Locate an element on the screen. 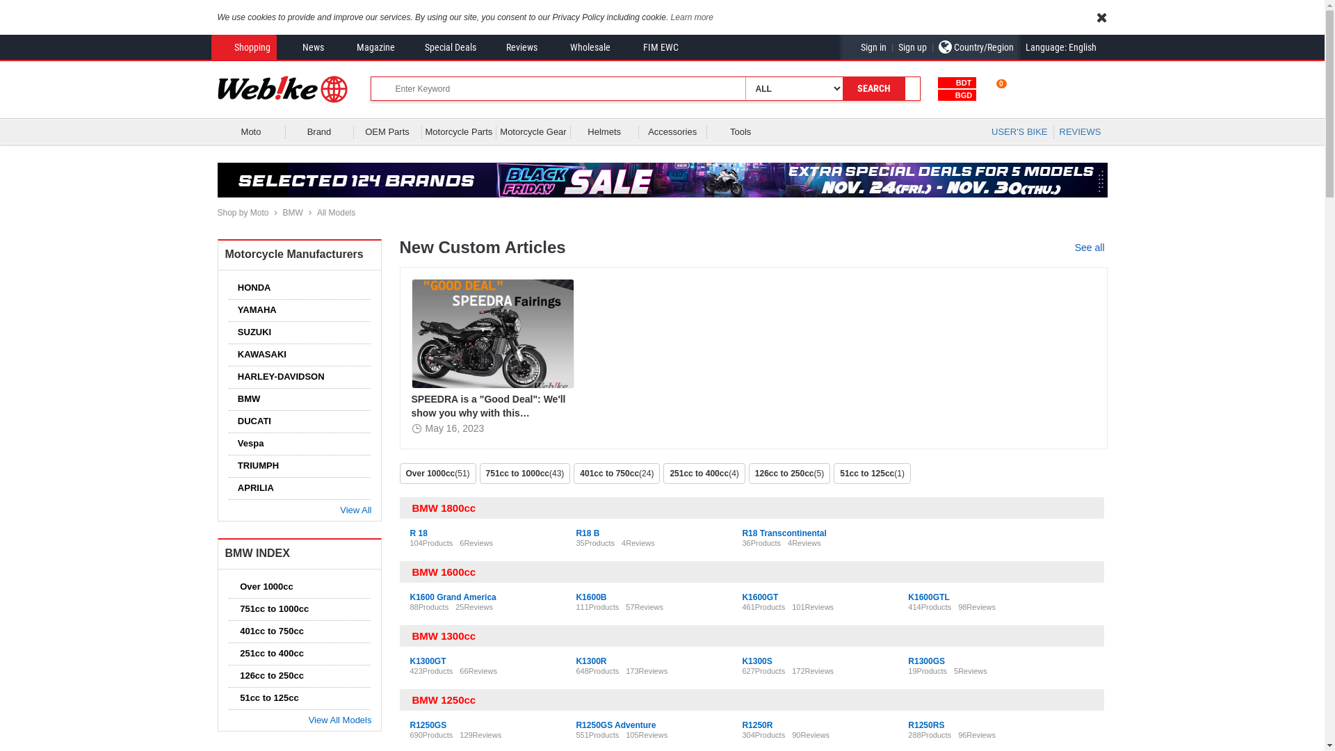  'Reviews' is located at coordinates (512, 47).